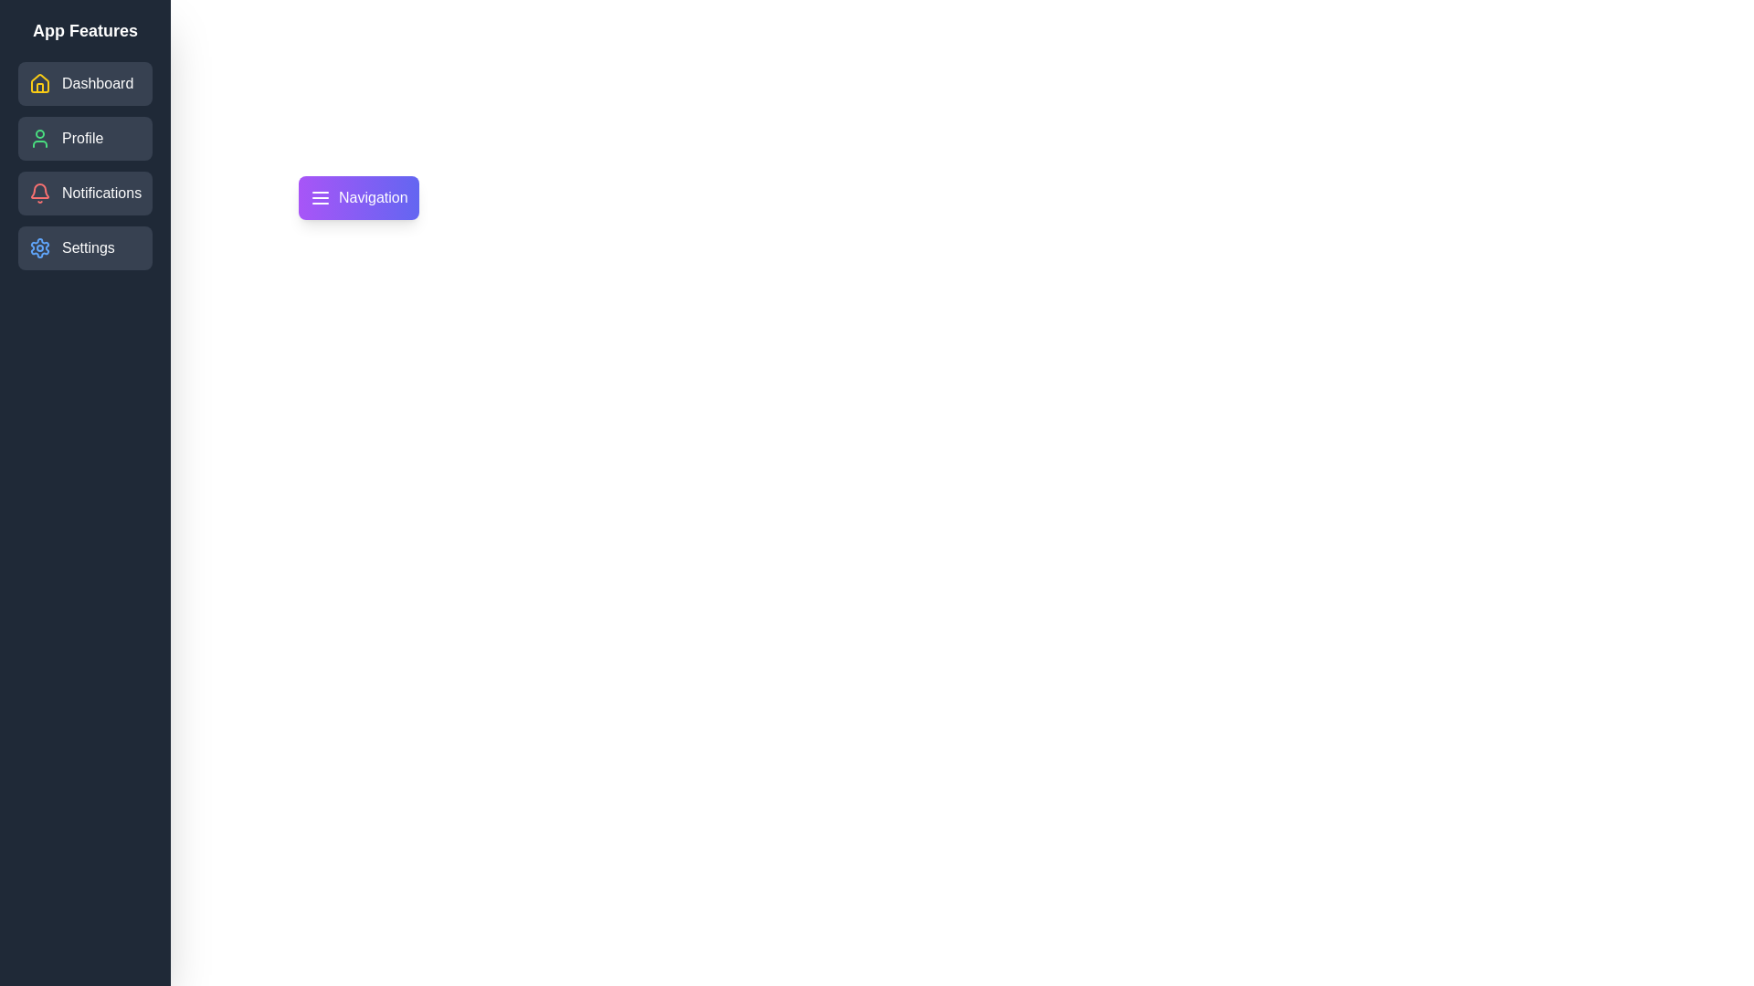 This screenshot has width=1754, height=986. Describe the element at coordinates (358, 197) in the screenshot. I see `the 'Navigation' button to toggle the drawer` at that location.